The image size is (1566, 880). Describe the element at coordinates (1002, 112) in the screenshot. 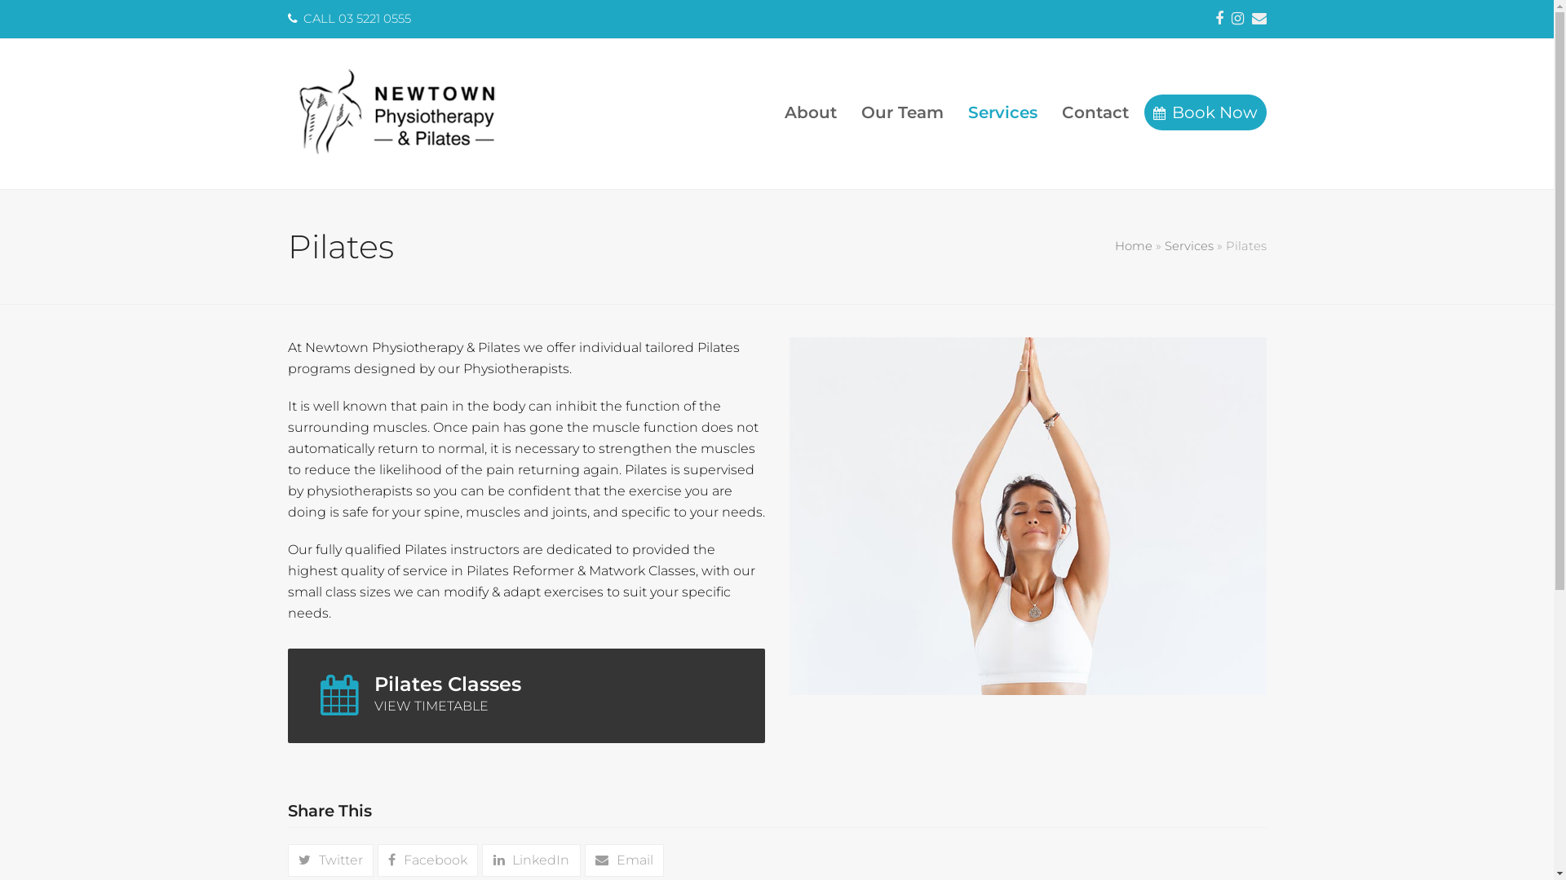

I see `'Services'` at that location.